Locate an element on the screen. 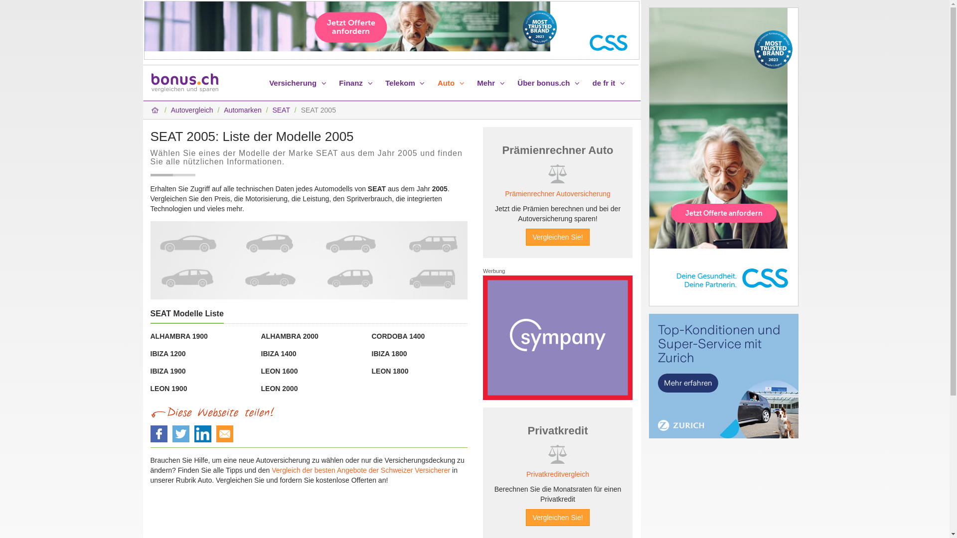  'Autovergleich' is located at coordinates (192, 110).